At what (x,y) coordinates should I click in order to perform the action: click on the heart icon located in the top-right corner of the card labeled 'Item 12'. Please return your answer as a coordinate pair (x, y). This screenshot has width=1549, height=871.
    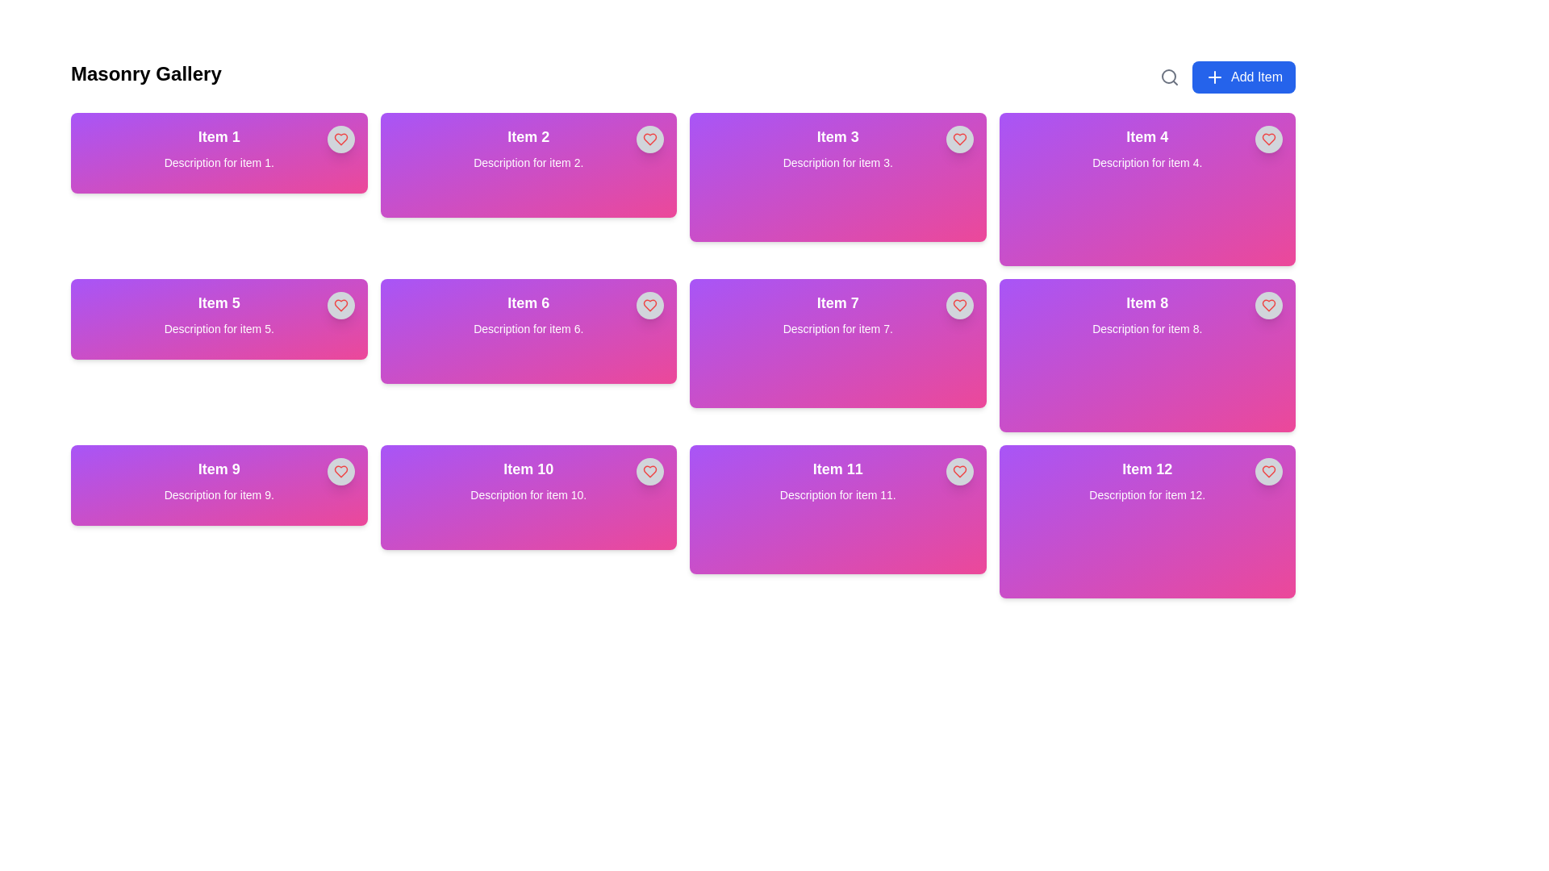
    Looking at the image, I should click on (1268, 472).